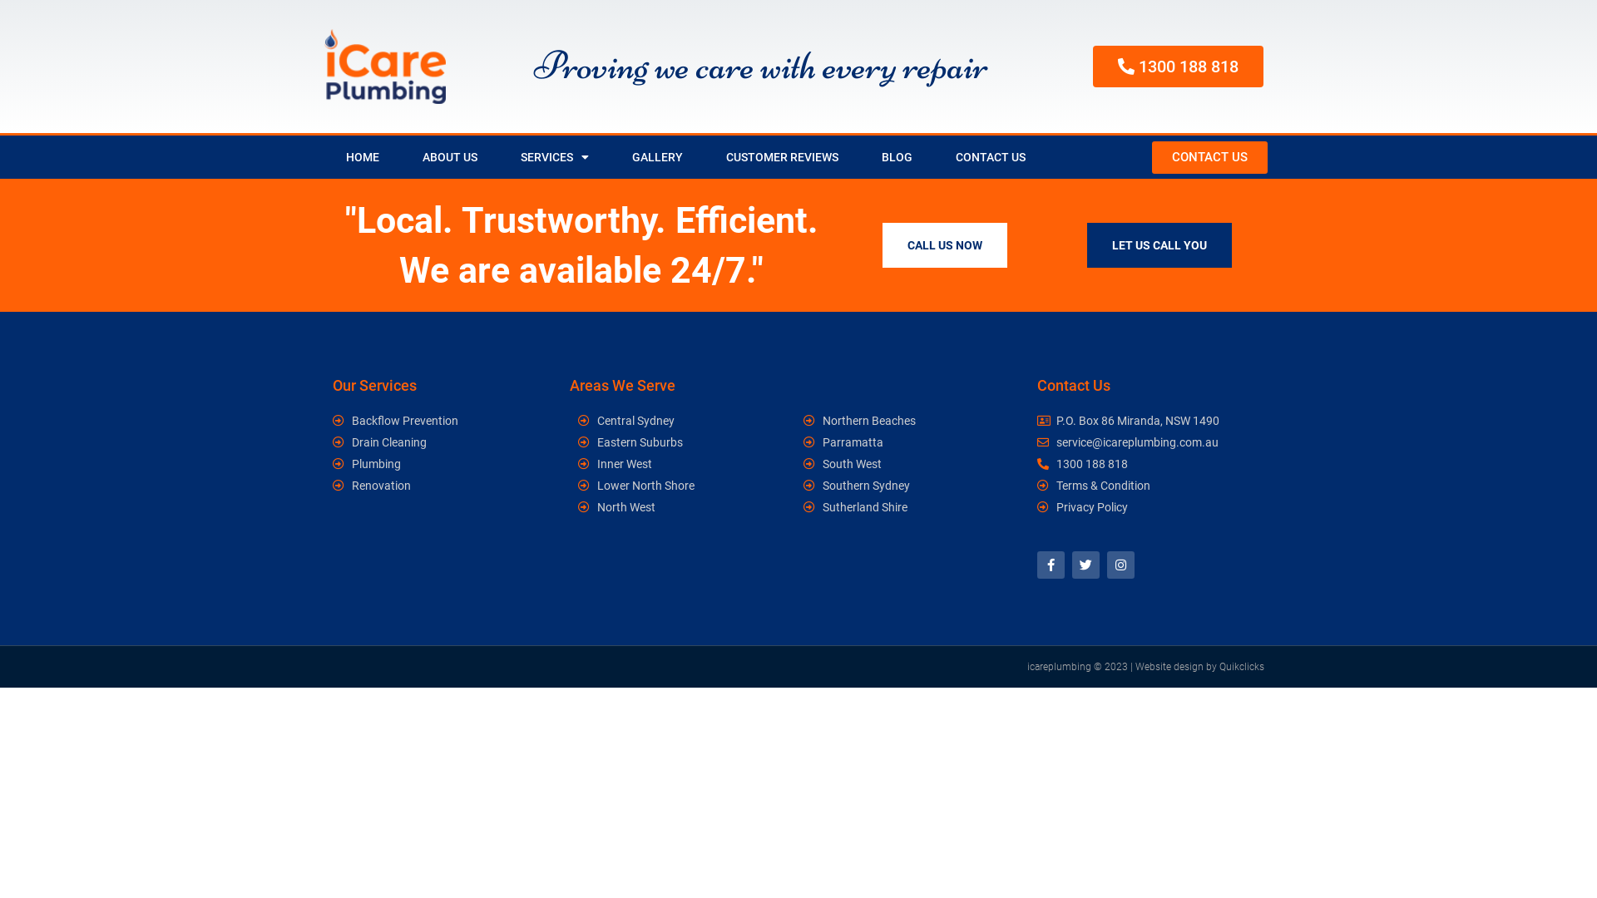 This screenshot has height=898, width=1597. Describe the element at coordinates (1146, 506) in the screenshot. I see `'Privacy Policy'` at that location.